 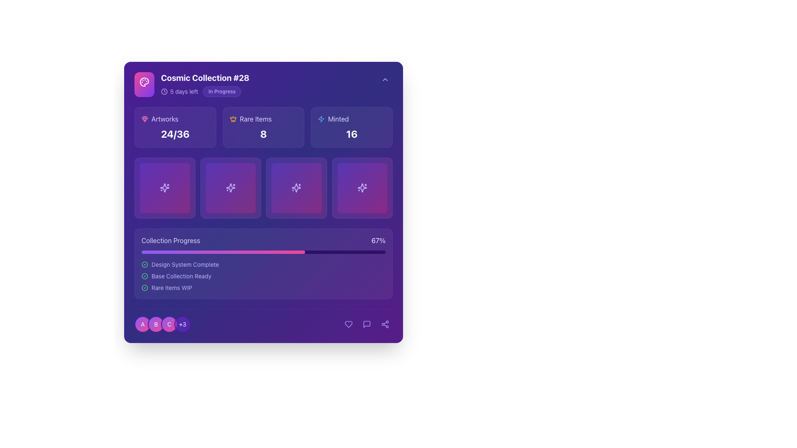 What do you see at coordinates (296, 188) in the screenshot?
I see `the vibrant violet star icon with a glowing effect, which is the third icon in the second row of the grid, to interact with it` at bounding box center [296, 188].